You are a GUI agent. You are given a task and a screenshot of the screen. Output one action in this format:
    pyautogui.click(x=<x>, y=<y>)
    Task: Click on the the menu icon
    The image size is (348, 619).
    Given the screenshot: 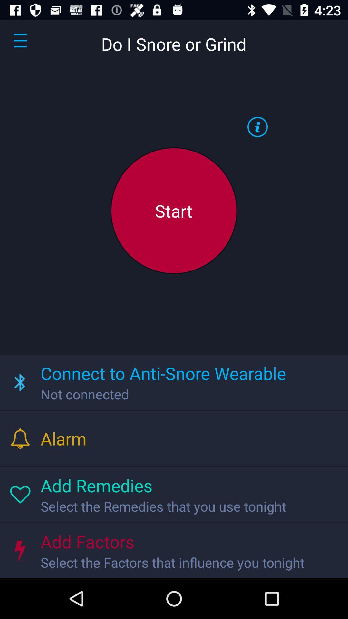 What is the action you would take?
    pyautogui.click(x=20, y=40)
    